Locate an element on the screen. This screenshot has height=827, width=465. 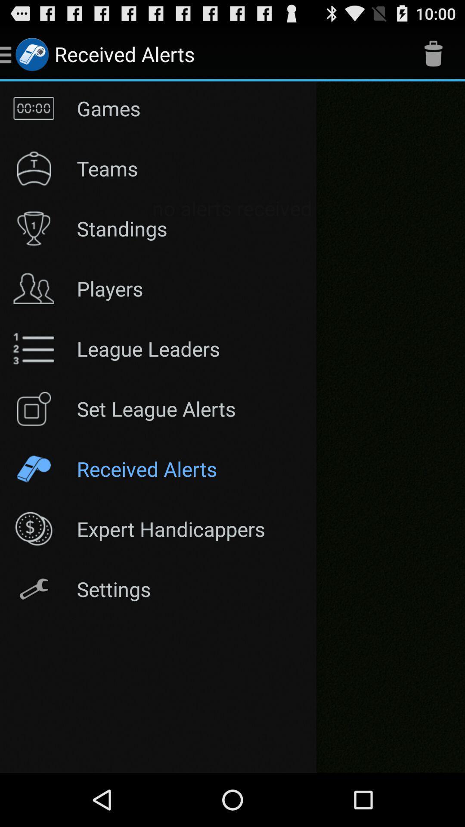
move to left of players is located at coordinates (33, 289).